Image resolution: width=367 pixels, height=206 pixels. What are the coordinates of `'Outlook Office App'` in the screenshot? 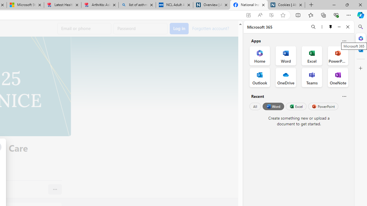 It's located at (259, 78).